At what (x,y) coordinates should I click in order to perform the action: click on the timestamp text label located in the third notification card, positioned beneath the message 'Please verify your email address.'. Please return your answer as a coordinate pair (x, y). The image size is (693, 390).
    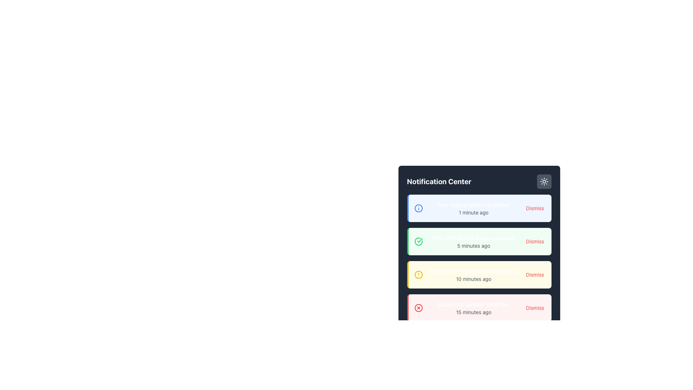
    Looking at the image, I should click on (474, 278).